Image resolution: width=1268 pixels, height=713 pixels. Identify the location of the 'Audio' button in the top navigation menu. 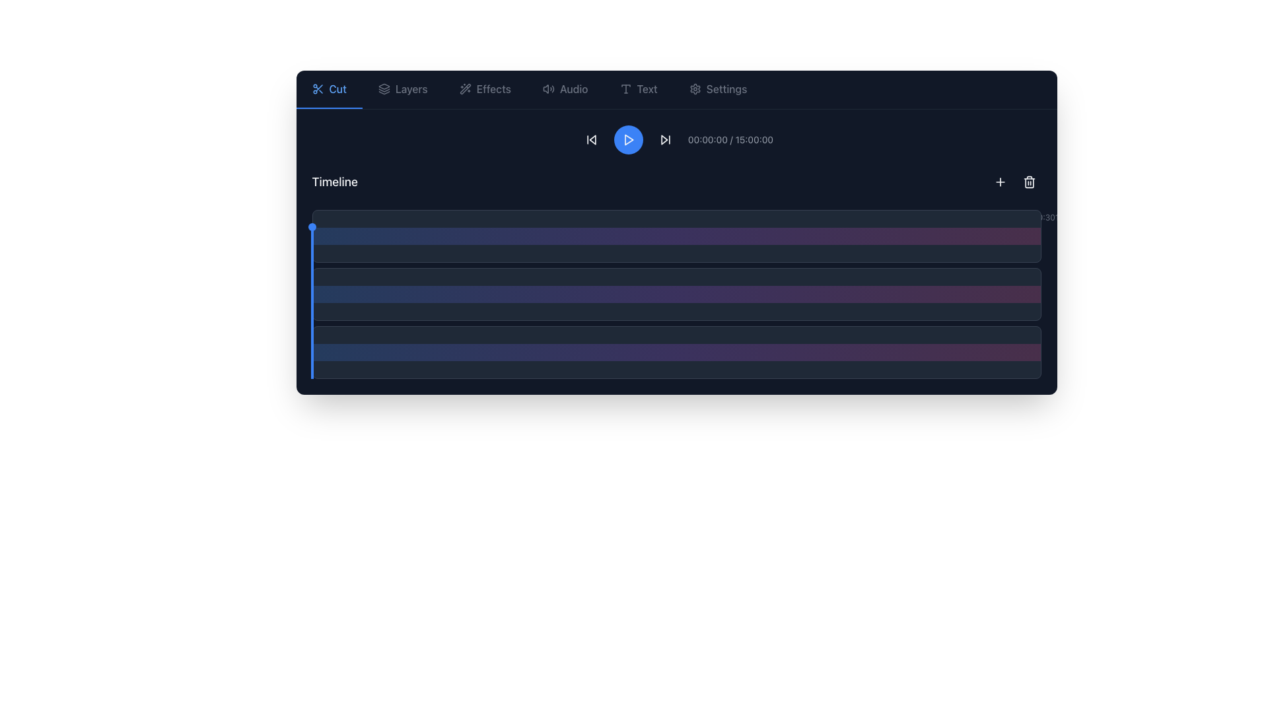
(565, 89).